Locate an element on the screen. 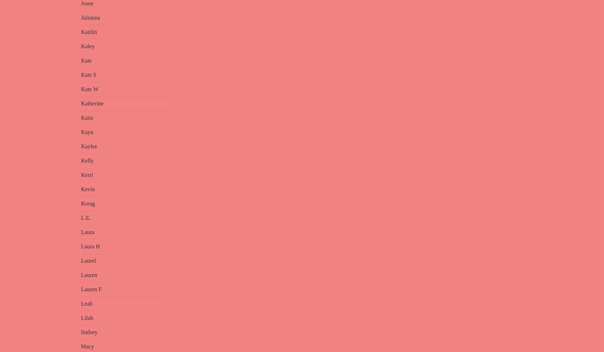 This screenshot has width=604, height=352. 'Josee' is located at coordinates (87, 3).